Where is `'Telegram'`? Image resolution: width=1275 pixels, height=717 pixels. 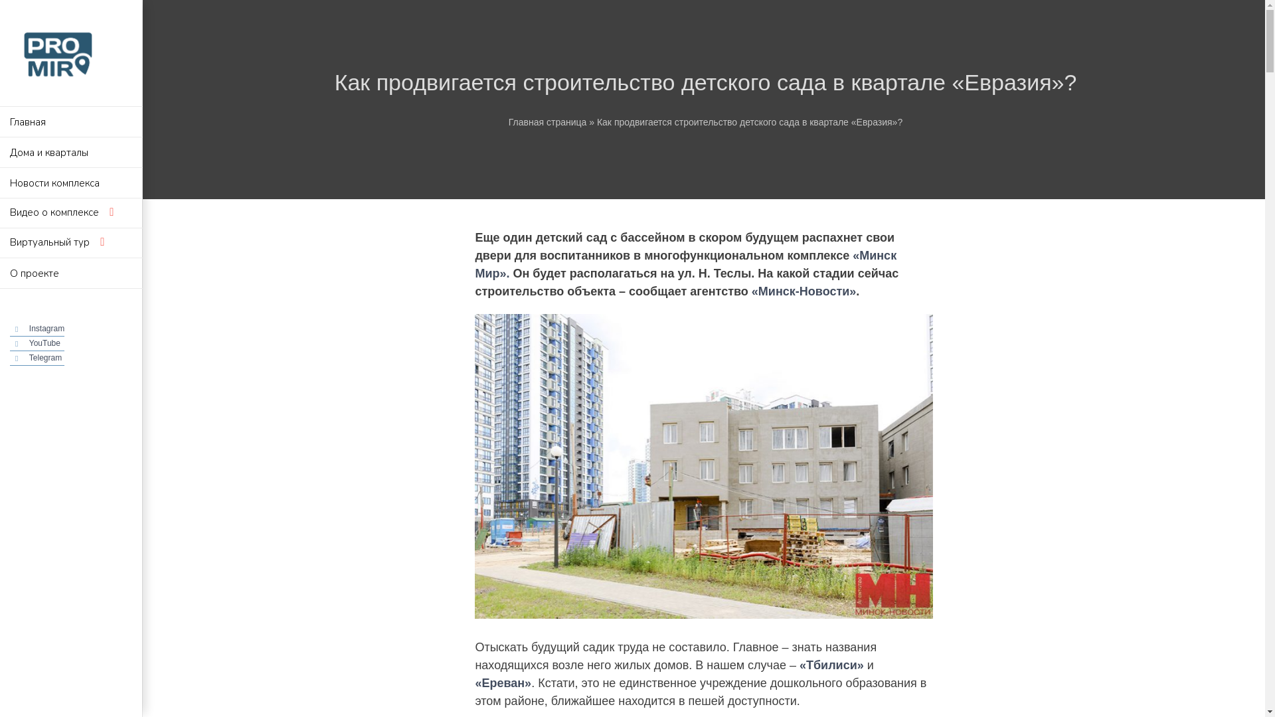 'Telegram' is located at coordinates (29, 357).